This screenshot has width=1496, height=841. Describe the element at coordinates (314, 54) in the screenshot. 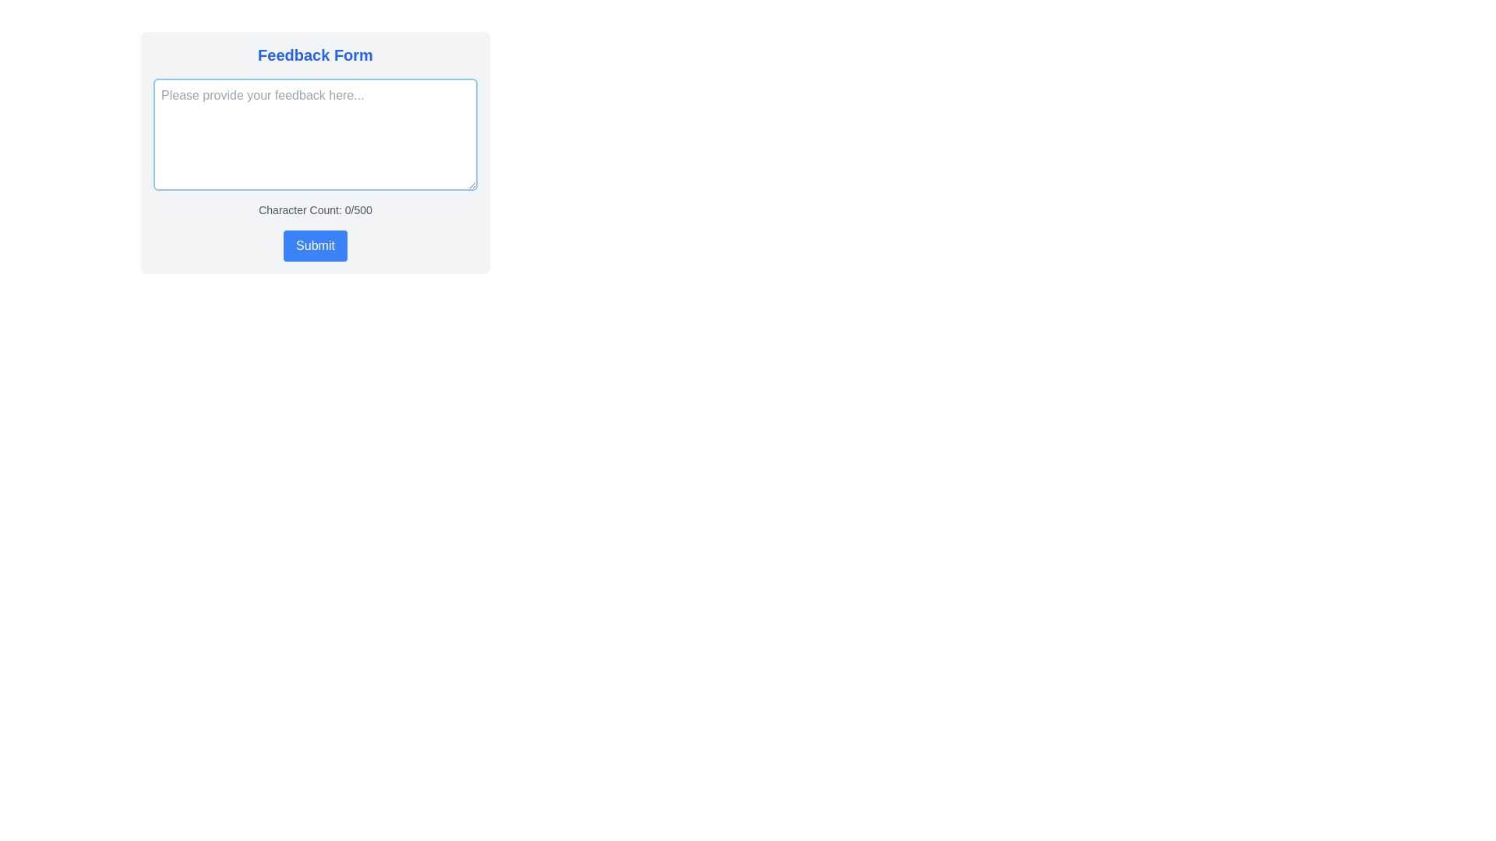

I see `text of the heading that serves as the title for the feedback form, located at the top of the form above the feedback textarea` at that location.